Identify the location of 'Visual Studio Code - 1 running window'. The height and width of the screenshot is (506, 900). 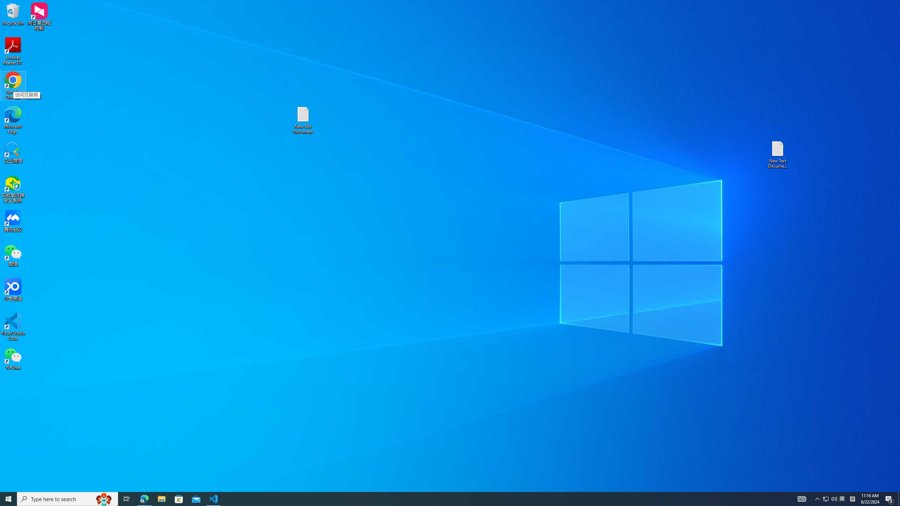
(213, 498).